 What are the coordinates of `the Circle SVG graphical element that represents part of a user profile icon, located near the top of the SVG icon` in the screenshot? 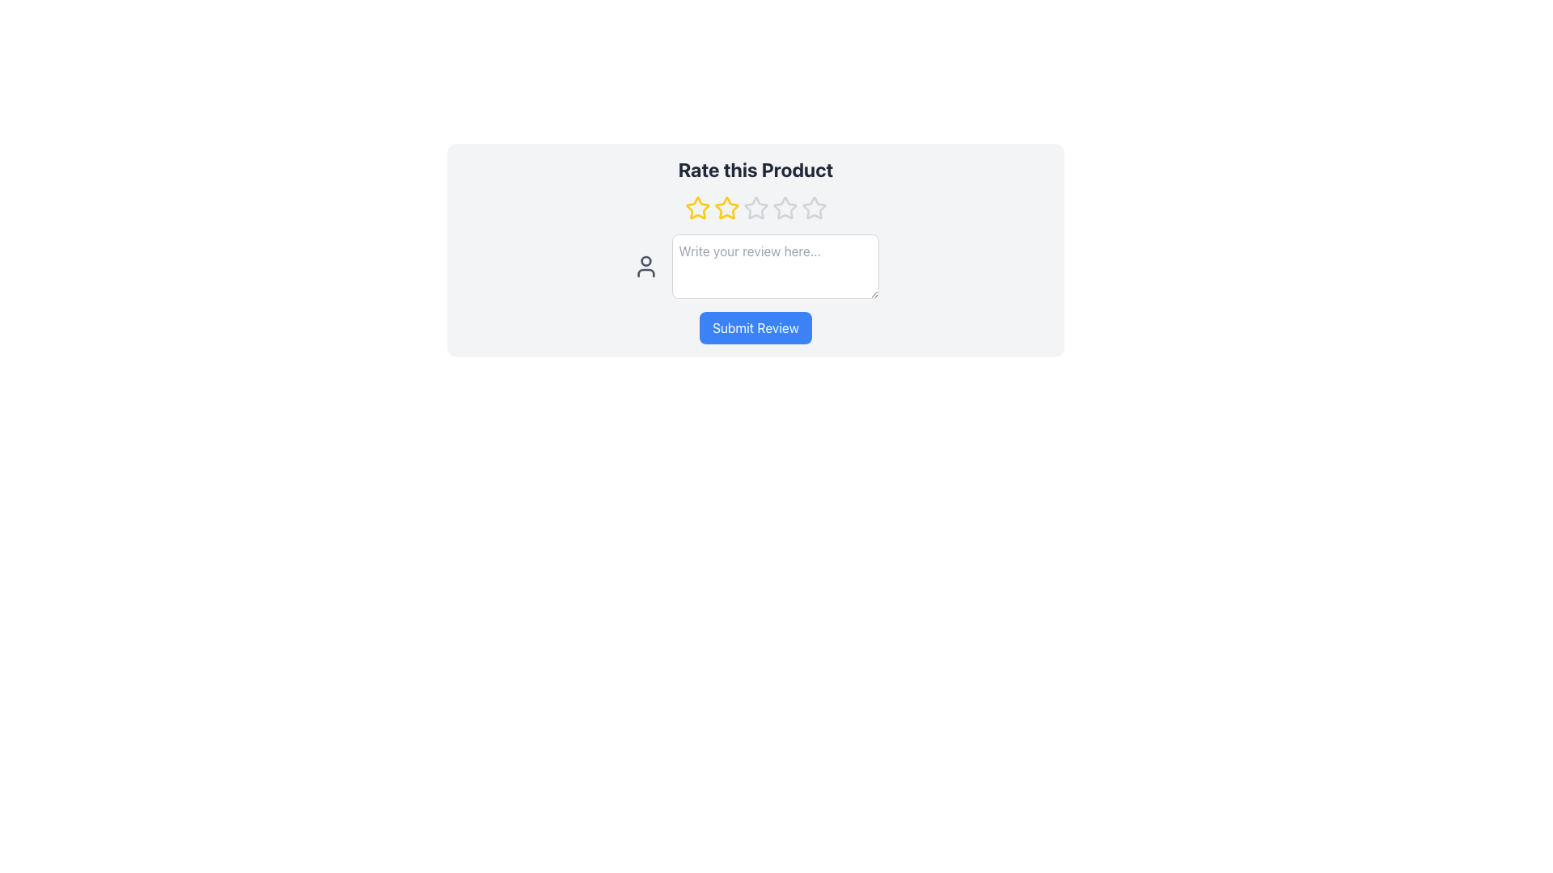 It's located at (645, 260).